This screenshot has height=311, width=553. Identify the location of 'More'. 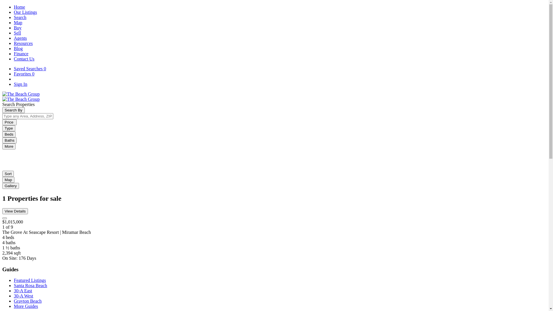
(2, 146).